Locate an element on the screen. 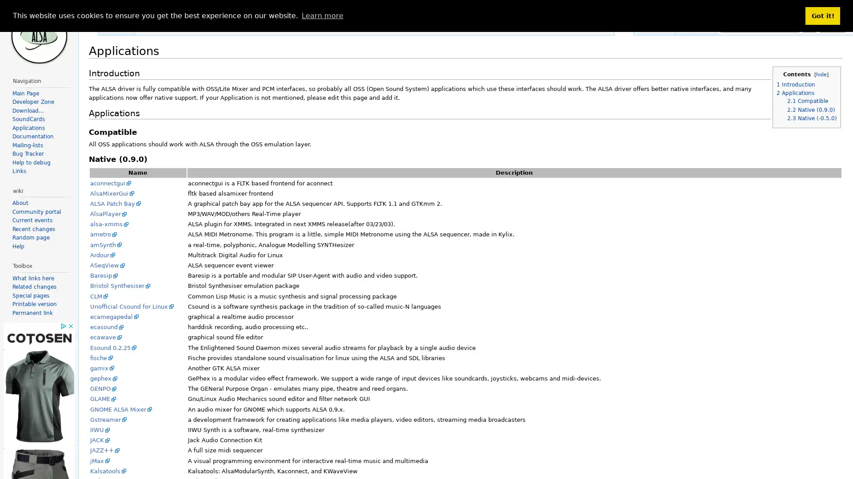 The image size is (853, 479). Go is located at coordinates (809, 27).